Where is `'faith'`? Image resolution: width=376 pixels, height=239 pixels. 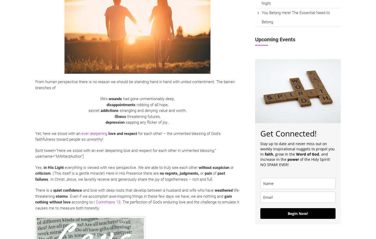
'faith' is located at coordinates (269, 154).